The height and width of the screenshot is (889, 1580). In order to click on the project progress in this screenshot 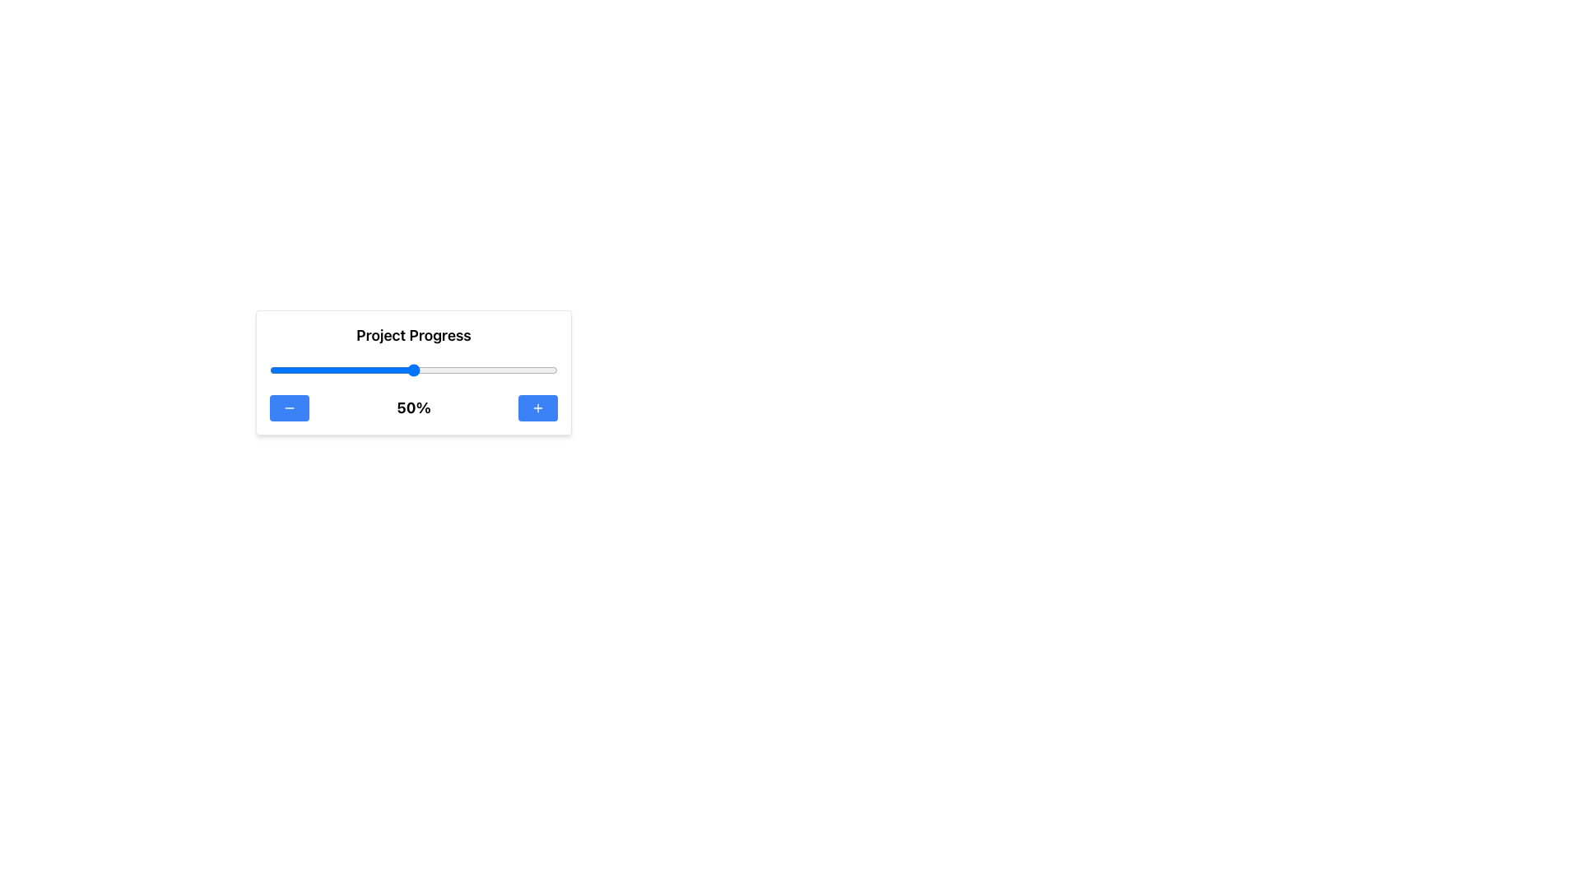, I will do `click(522, 370)`.